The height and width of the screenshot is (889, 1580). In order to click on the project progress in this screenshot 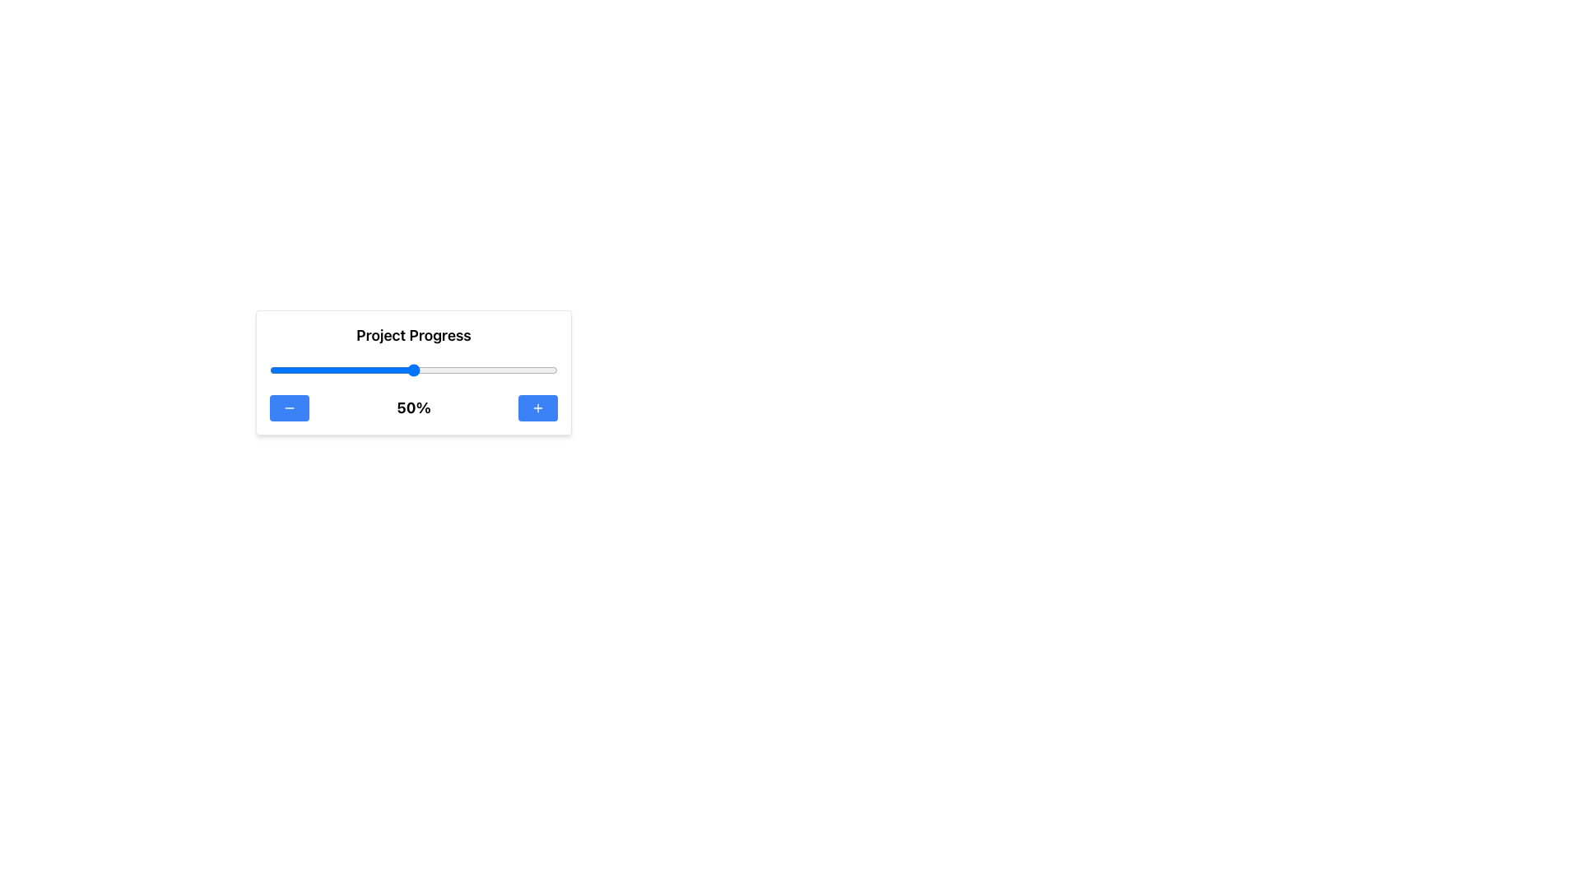, I will do `click(522, 370)`.